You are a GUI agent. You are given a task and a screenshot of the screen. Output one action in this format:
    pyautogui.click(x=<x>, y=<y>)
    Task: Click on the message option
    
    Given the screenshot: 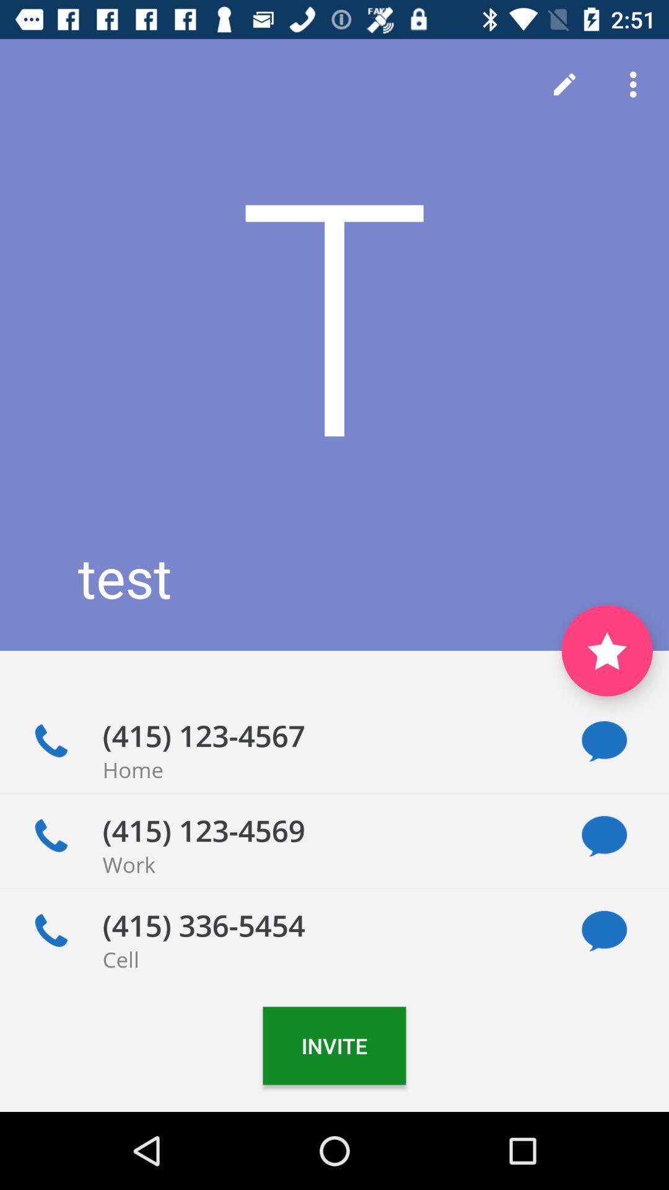 What is the action you would take?
    pyautogui.click(x=603, y=931)
    